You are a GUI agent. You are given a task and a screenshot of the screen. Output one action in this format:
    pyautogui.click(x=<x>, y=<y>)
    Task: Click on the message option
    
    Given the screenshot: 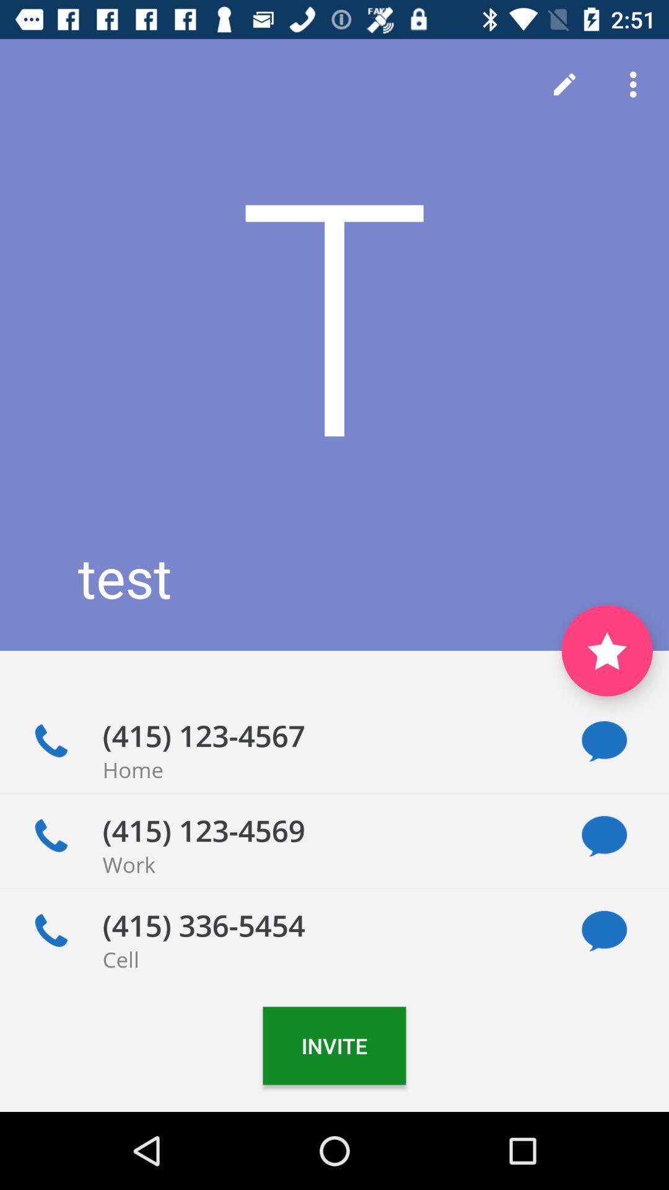 What is the action you would take?
    pyautogui.click(x=603, y=931)
    